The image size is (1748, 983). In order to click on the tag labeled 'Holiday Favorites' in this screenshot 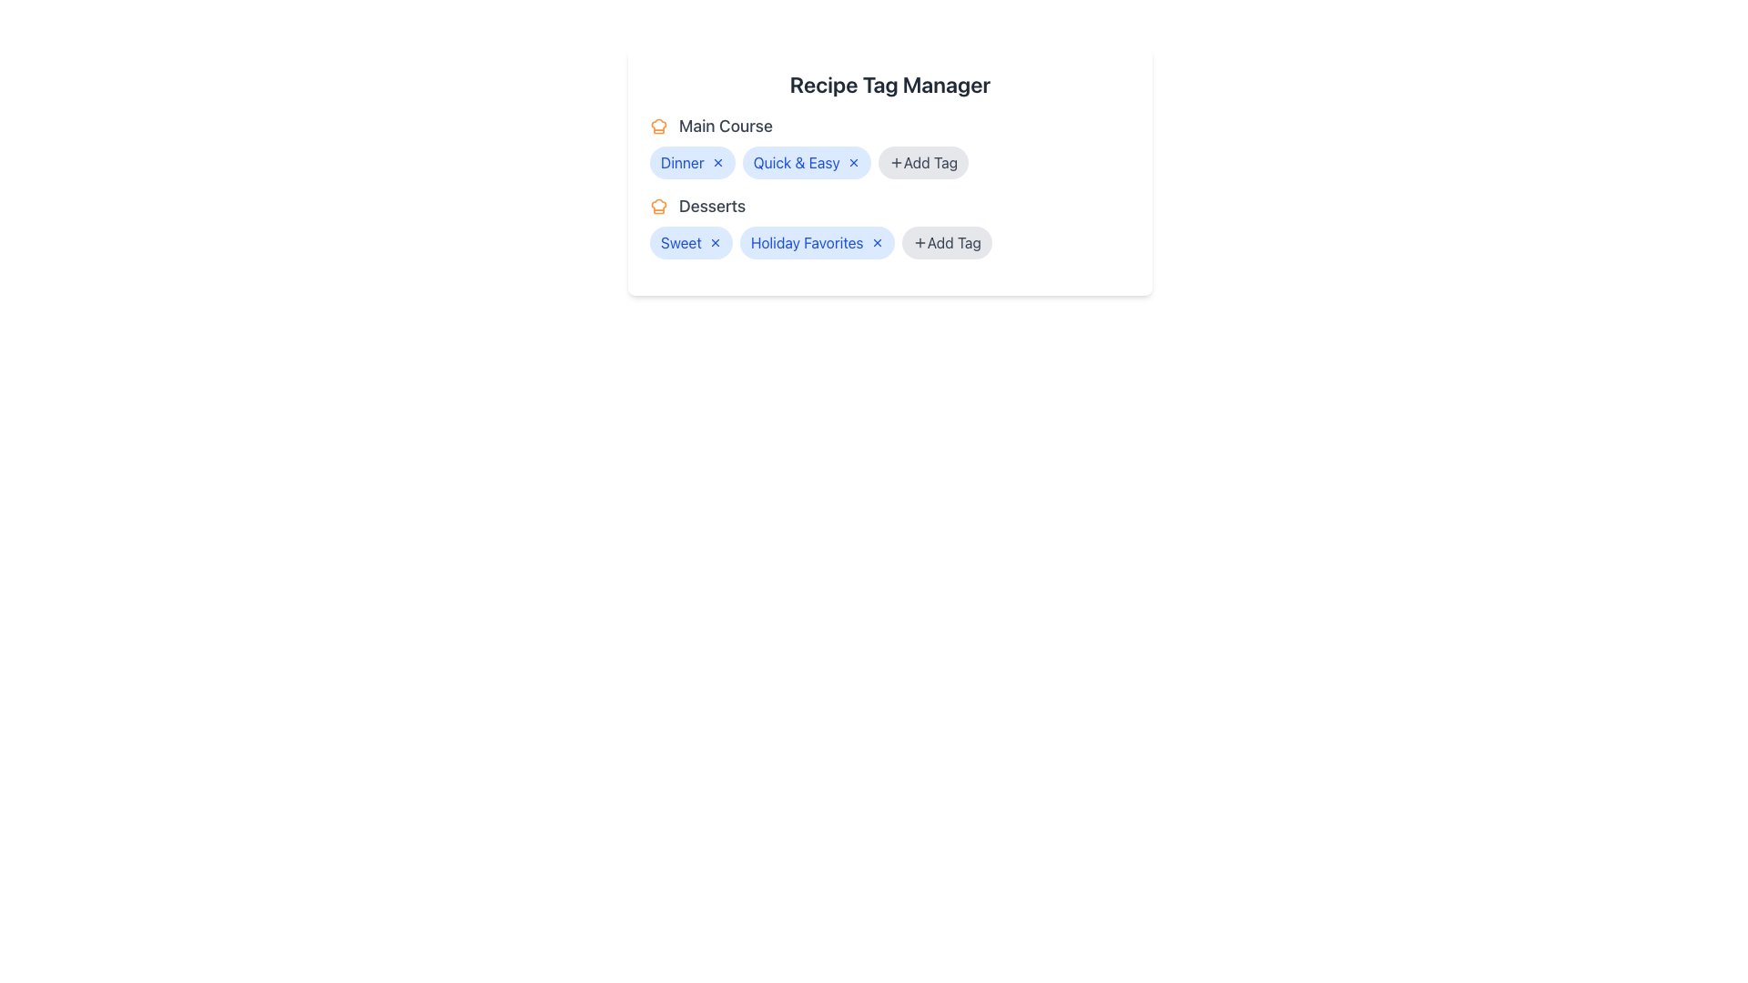, I will do `click(806, 241)`.